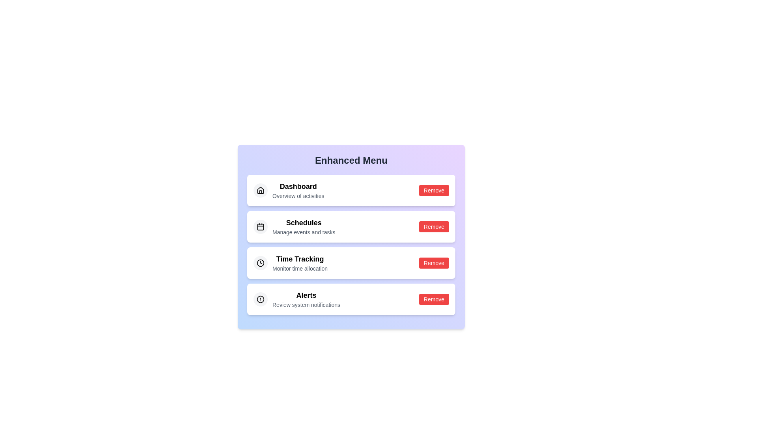 Image resolution: width=757 pixels, height=426 pixels. I want to click on the 'Remove' button for the item with title Time Tracking, so click(433, 263).